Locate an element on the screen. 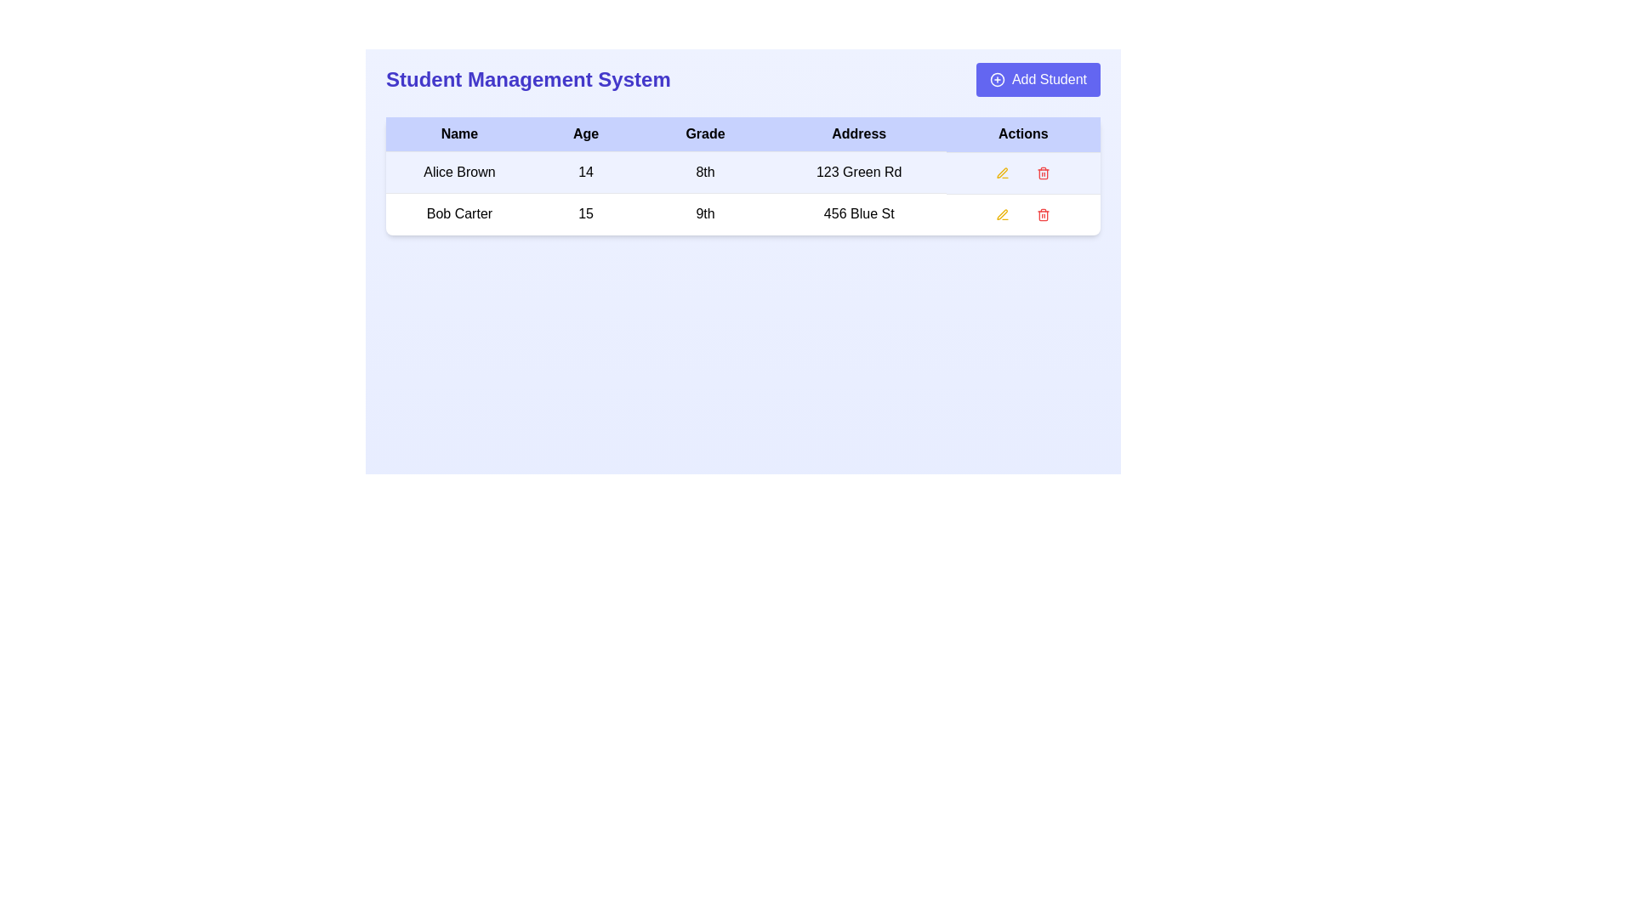 The image size is (1633, 918). the first data row in the table is located at coordinates (743, 192).